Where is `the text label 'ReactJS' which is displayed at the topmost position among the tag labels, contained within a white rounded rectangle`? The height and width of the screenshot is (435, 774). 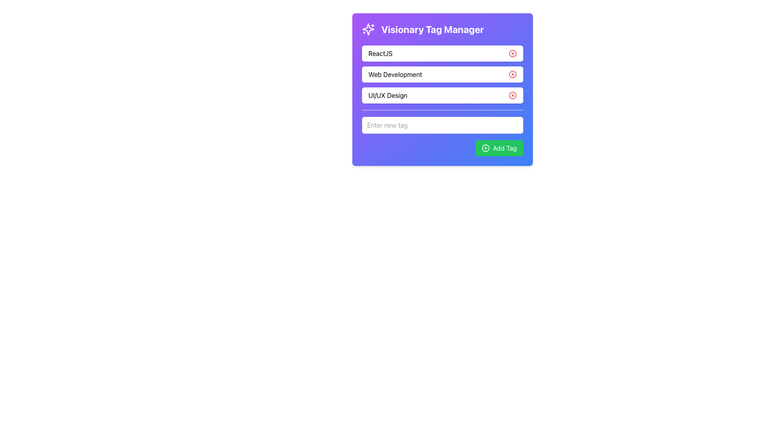
the text label 'ReactJS' which is displayed at the topmost position among the tag labels, contained within a white rounded rectangle is located at coordinates (380, 53).